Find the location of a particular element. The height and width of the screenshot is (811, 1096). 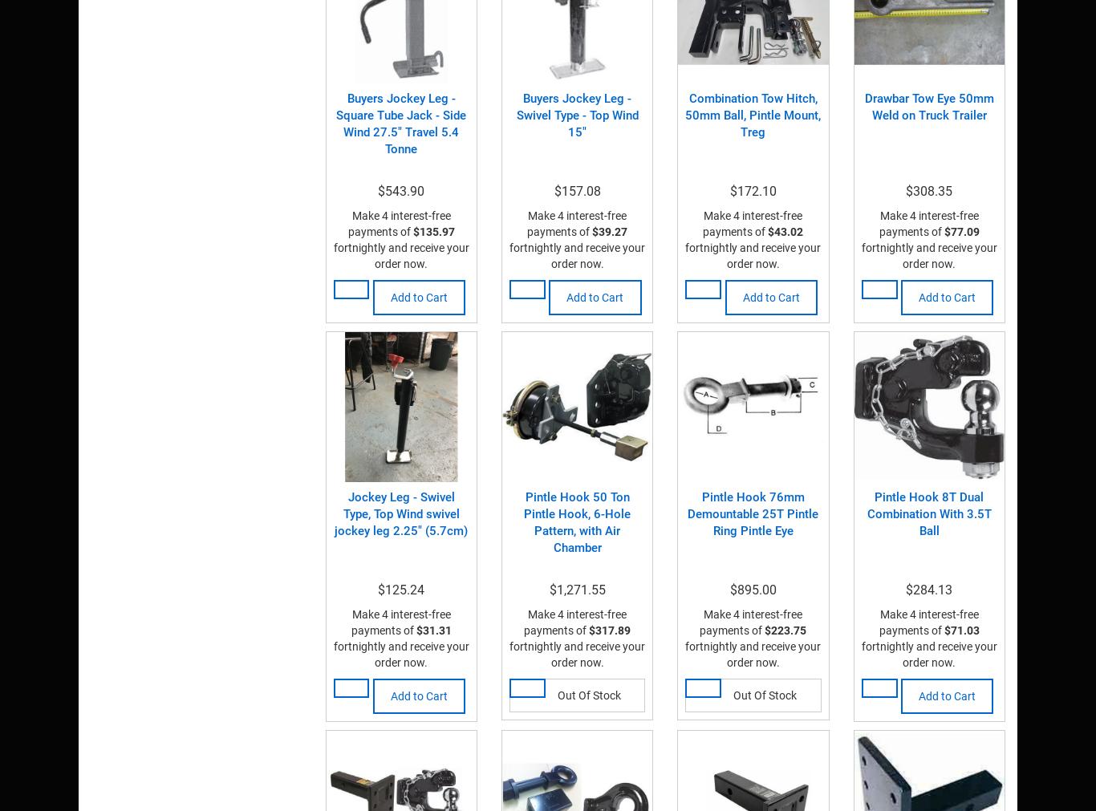

'$317.89' is located at coordinates (610, 629).